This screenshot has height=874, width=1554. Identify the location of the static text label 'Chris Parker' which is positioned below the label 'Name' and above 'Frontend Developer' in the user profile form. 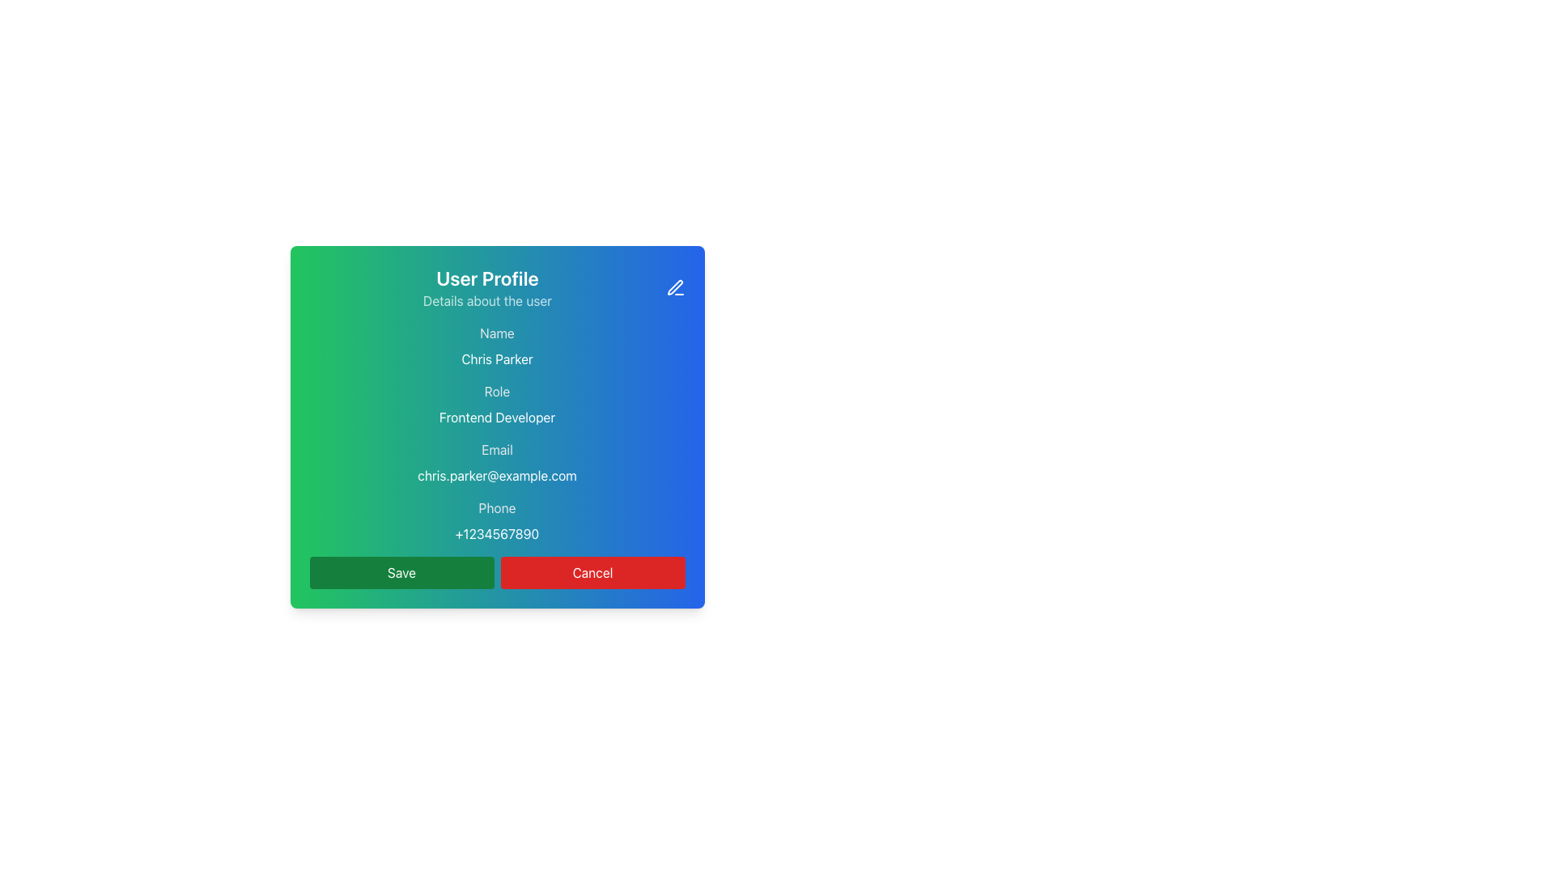
(496, 358).